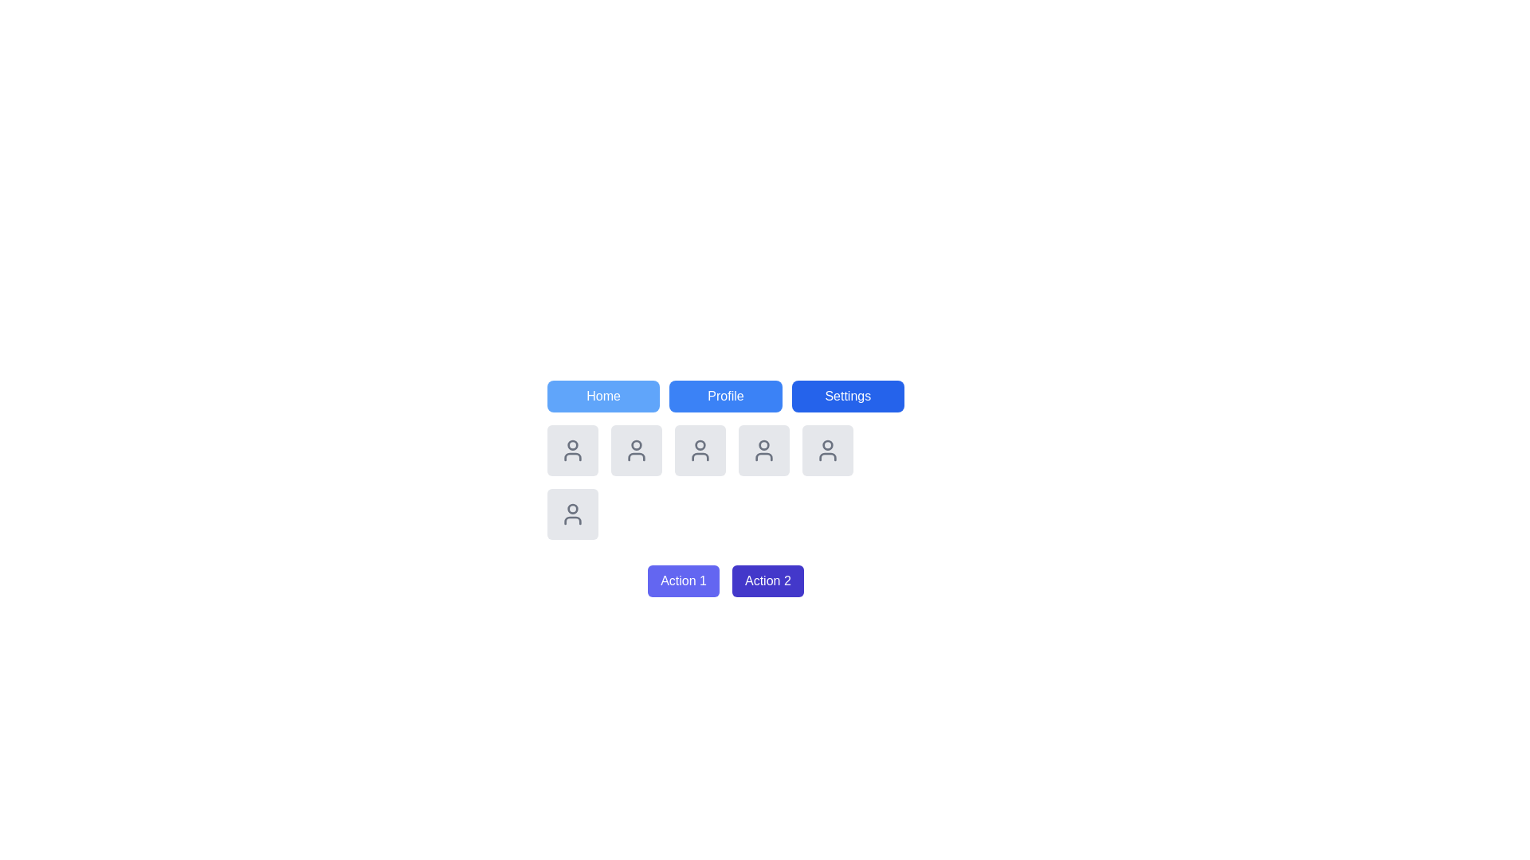 Image resolution: width=1530 pixels, height=860 pixels. Describe the element at coordinates (847, 395) in the screenshot. I see `the 'Settings' button, which is the third button in a horizontal row of three buttons with a blue background and white text` at that location.